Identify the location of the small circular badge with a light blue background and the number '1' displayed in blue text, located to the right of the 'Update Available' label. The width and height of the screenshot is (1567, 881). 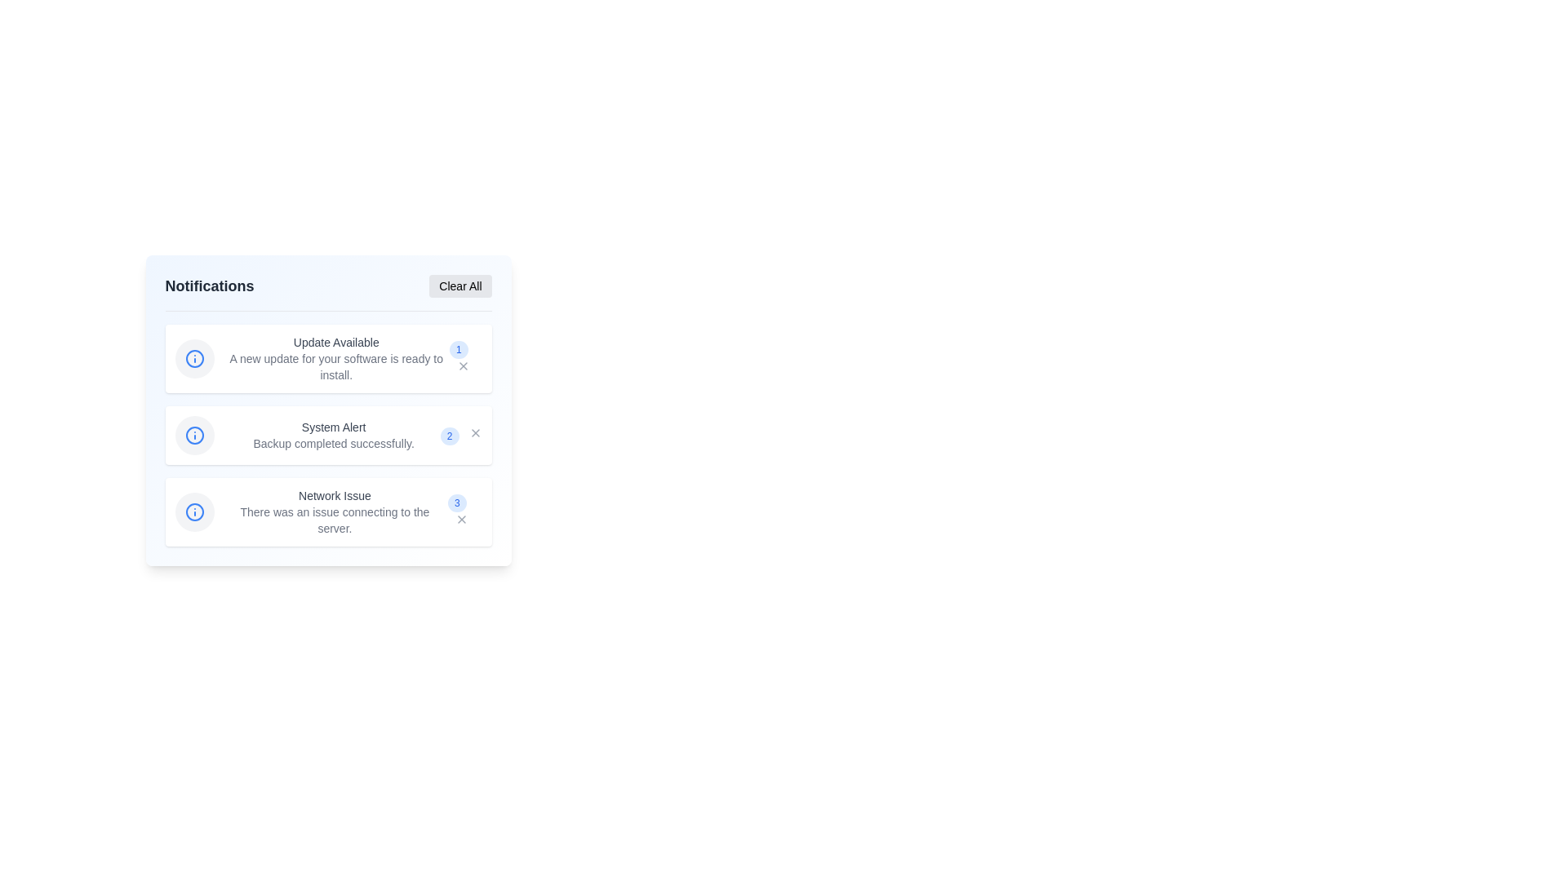
(458, 348).